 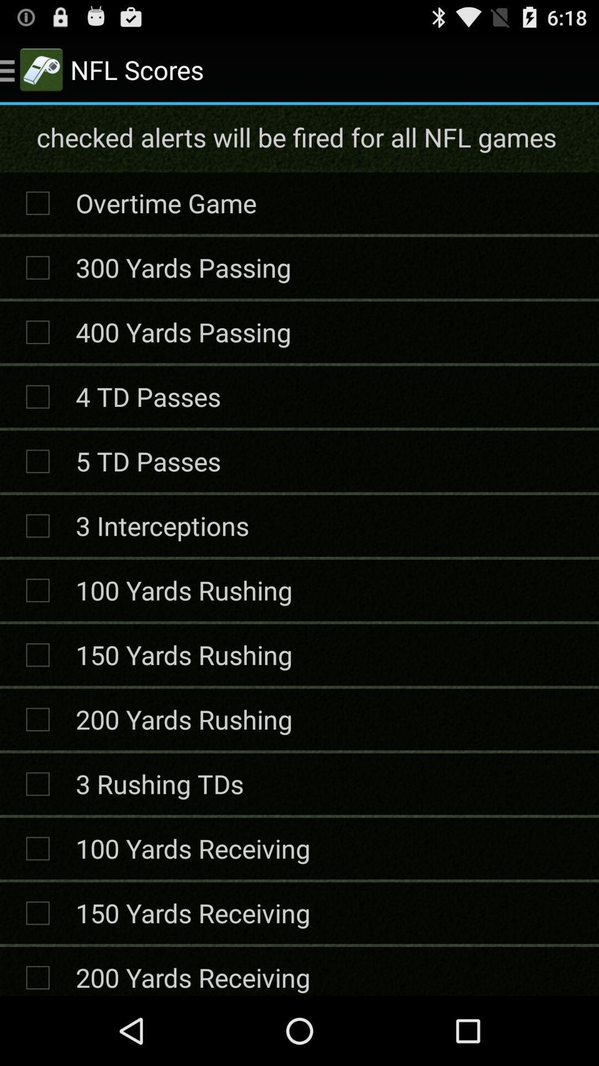 I want to click on the app below the checked alerts will item, so click(x=166, y=203).